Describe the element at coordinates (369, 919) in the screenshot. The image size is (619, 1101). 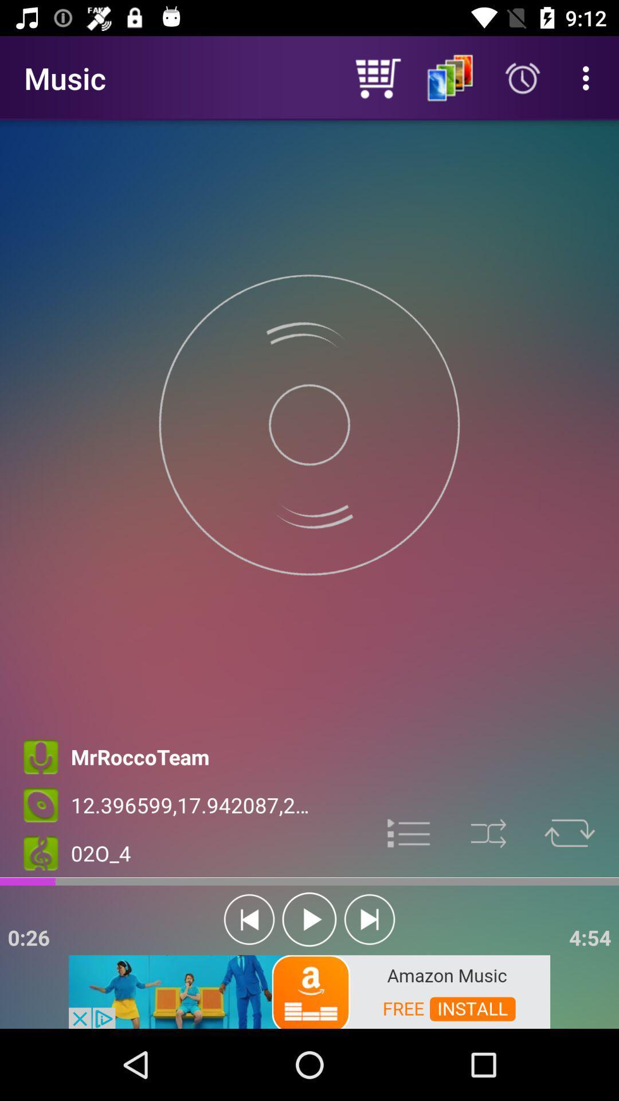
I see `go forward` at that location.